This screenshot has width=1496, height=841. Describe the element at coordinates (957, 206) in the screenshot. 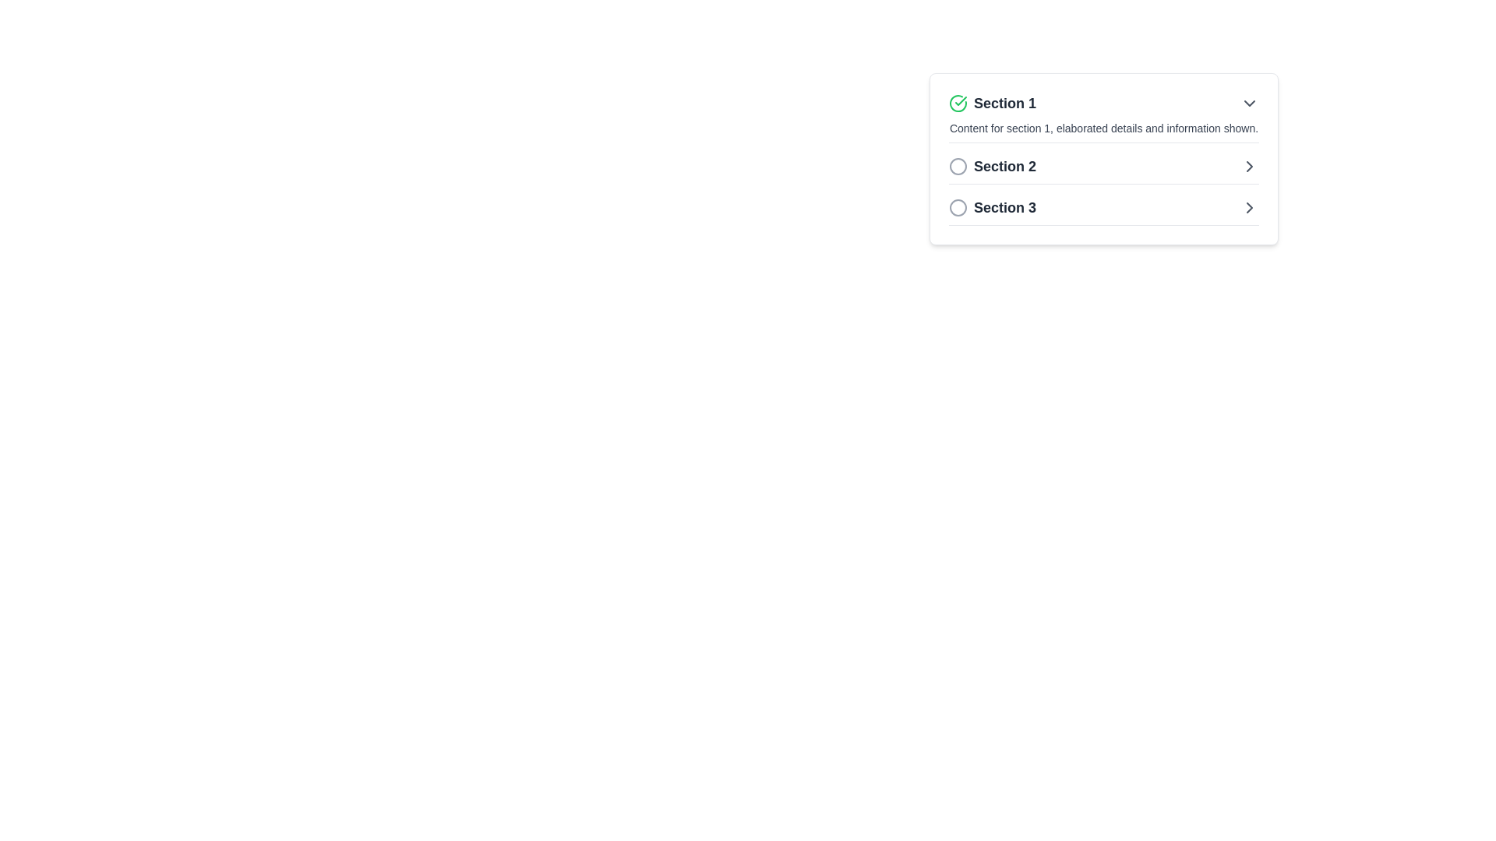

I see `the unselected radio button for the 'Section 3' option` at that location.